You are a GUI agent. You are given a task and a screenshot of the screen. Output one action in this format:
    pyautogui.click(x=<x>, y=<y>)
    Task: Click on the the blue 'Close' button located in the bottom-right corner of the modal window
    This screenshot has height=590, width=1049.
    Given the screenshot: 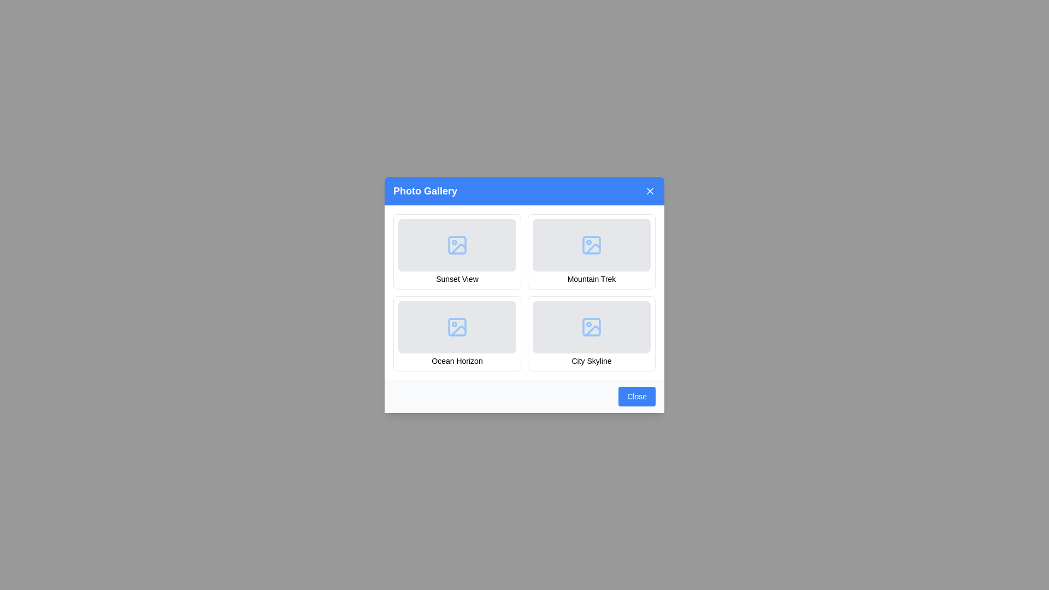 What is the action you would take?
    pyautogui.click(x=637, y=396)
    